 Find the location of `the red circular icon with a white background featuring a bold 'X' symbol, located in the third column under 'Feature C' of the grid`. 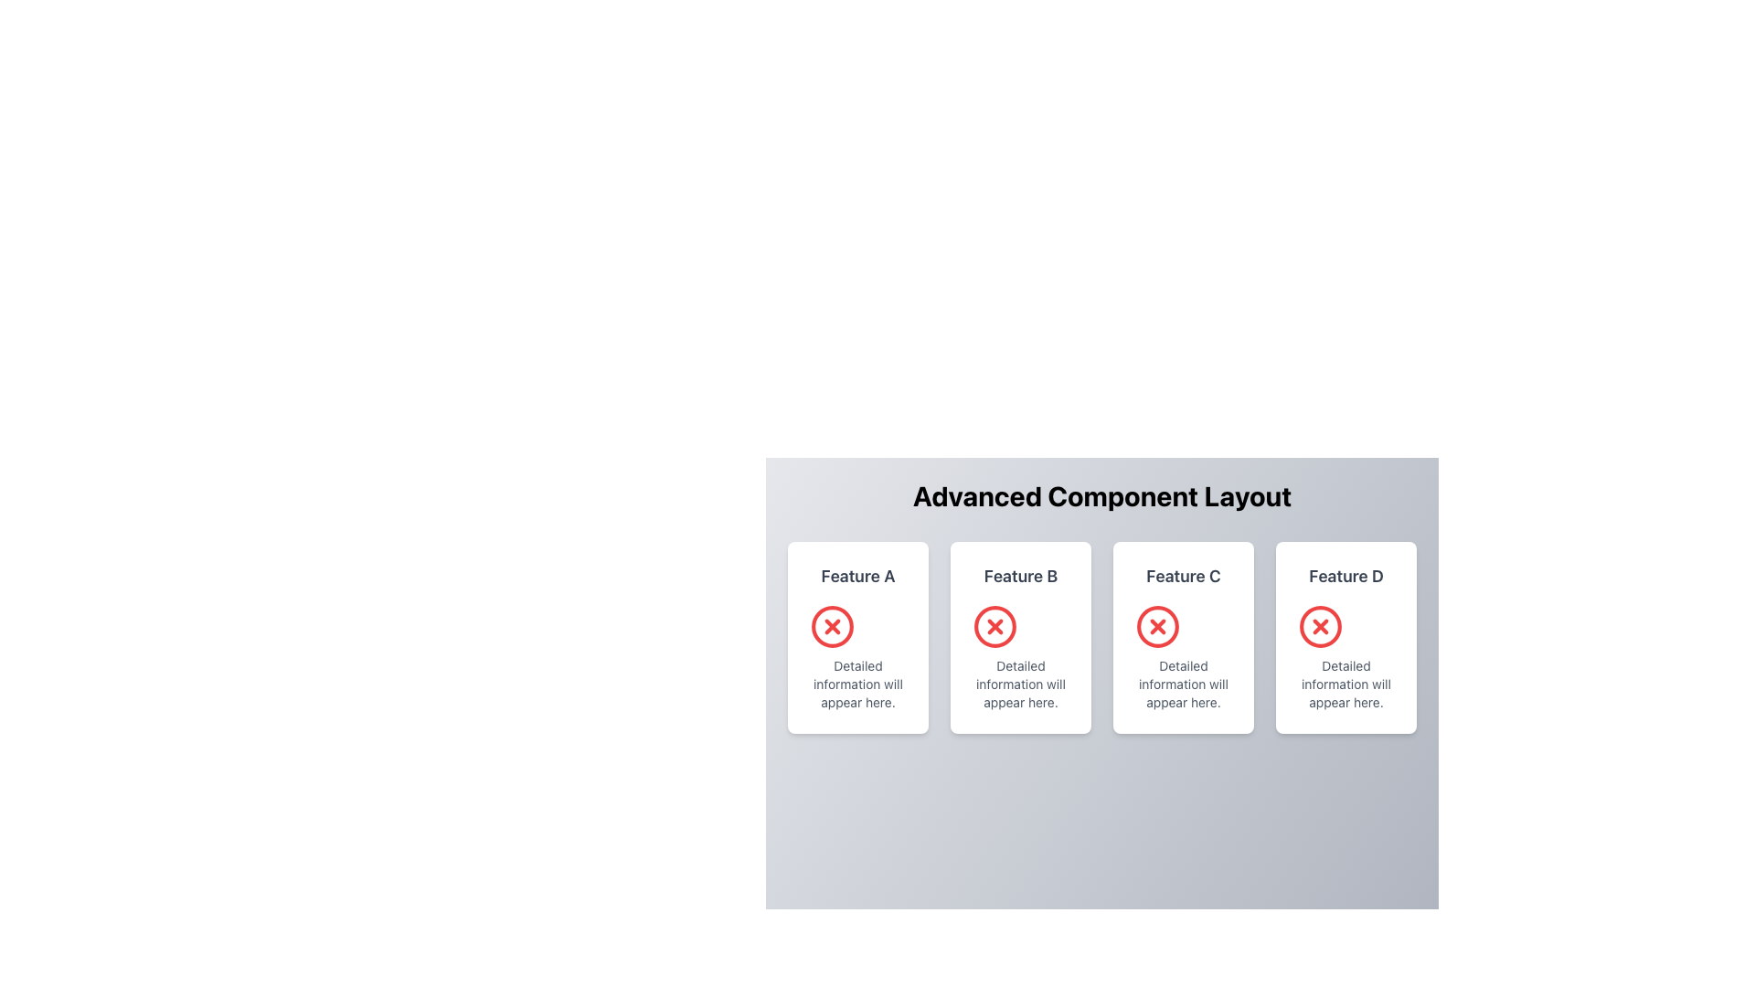

the red circular icon with a white background featuring a bold 'X' symbol, located in the third column under 'Feature C' of the grid is located at coordinates (1157, 626).